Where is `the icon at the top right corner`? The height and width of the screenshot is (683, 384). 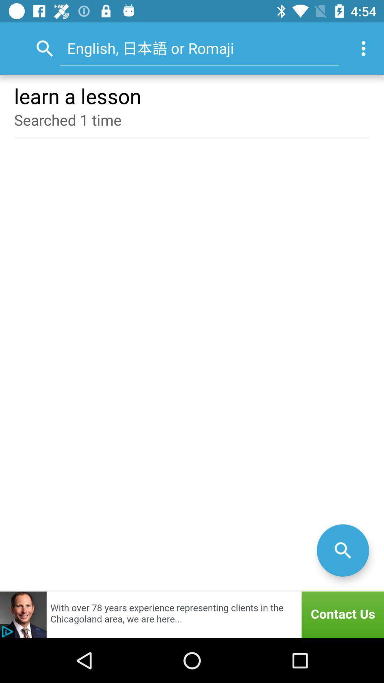 the icon at the top right corner is located at coordinates (365, 48).